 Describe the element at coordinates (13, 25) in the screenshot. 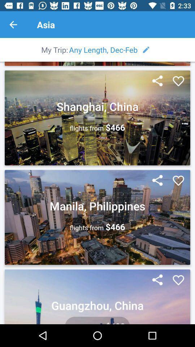

I see `icon to the left of asia item` at that location.